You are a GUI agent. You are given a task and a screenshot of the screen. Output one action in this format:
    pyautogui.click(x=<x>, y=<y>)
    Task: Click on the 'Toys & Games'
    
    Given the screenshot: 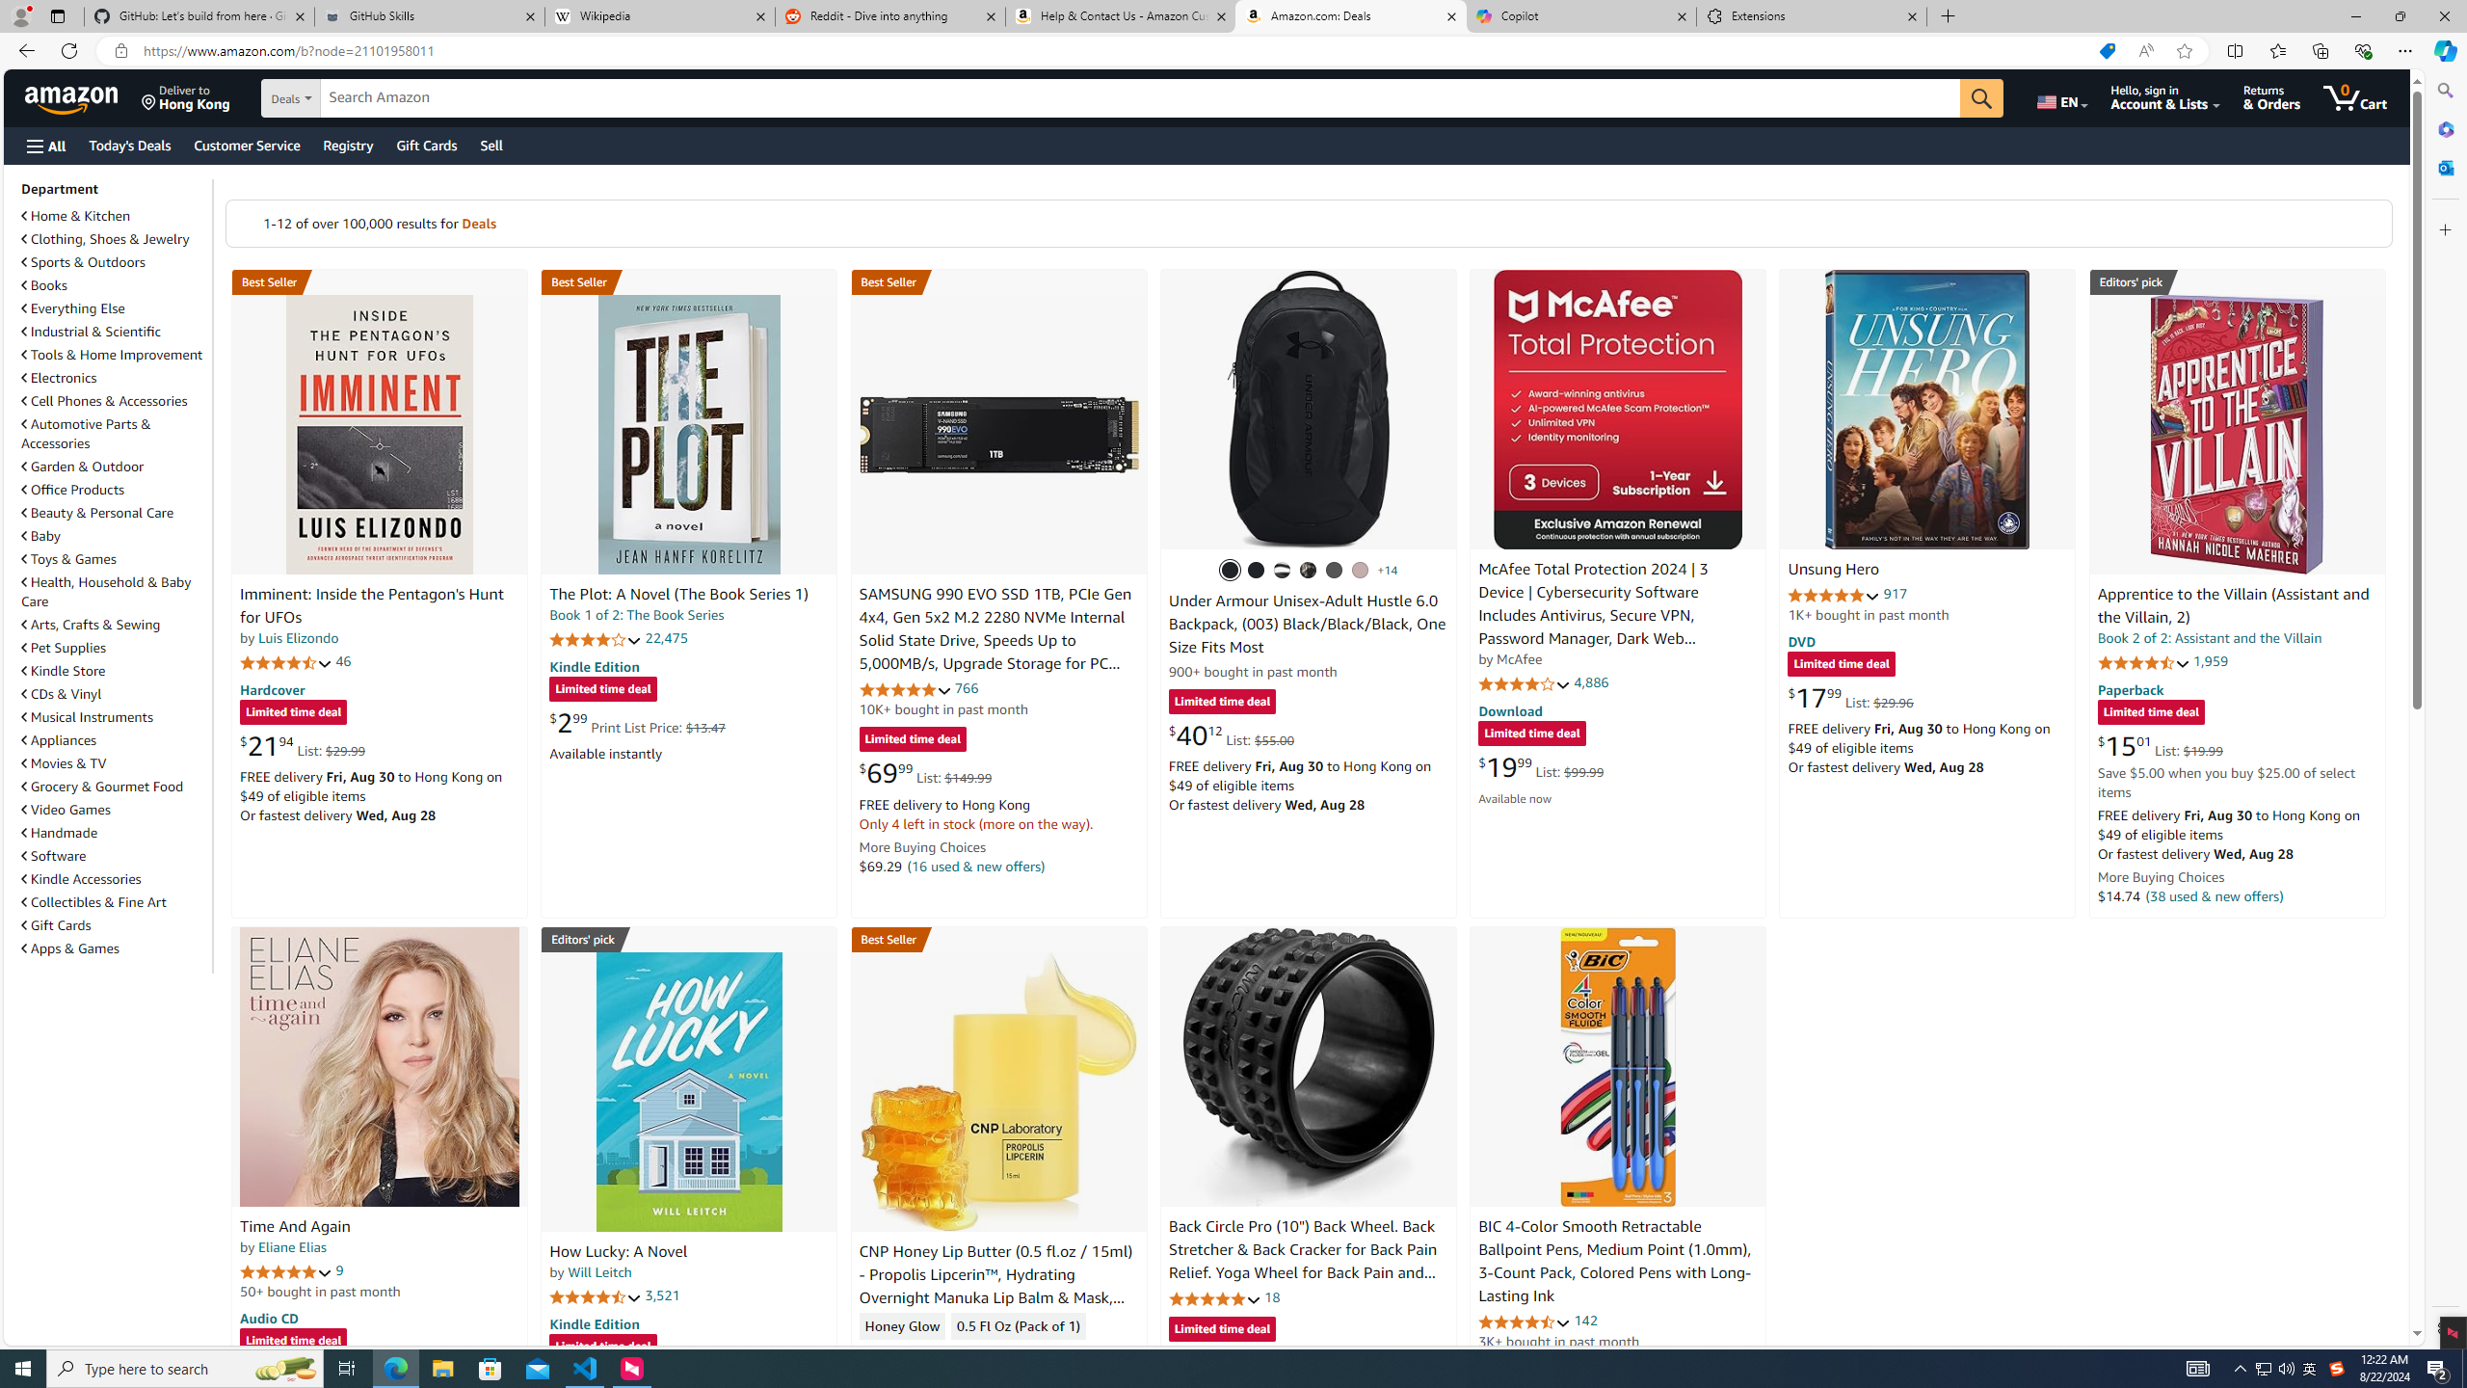 What is the action you would take?
    pyautogui.click(x=114, y=558)
    